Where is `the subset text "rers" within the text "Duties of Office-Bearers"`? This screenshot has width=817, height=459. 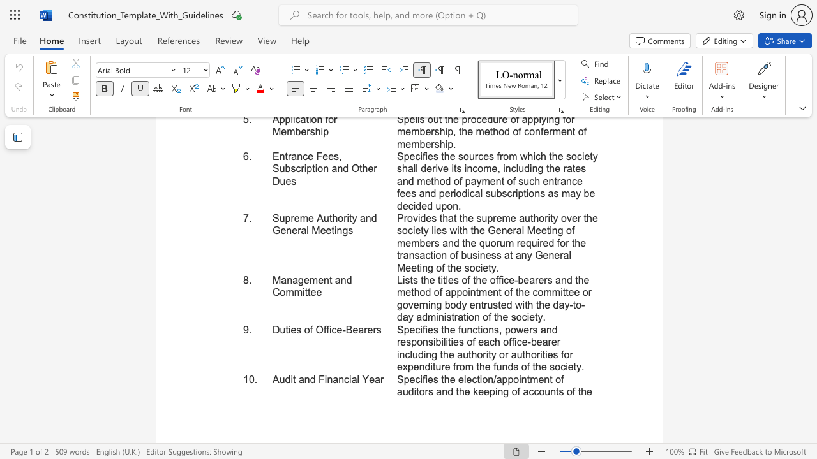
the subset text "rers" within the text "Duties of Office-Bearers" is located at coordinates (363, 329).